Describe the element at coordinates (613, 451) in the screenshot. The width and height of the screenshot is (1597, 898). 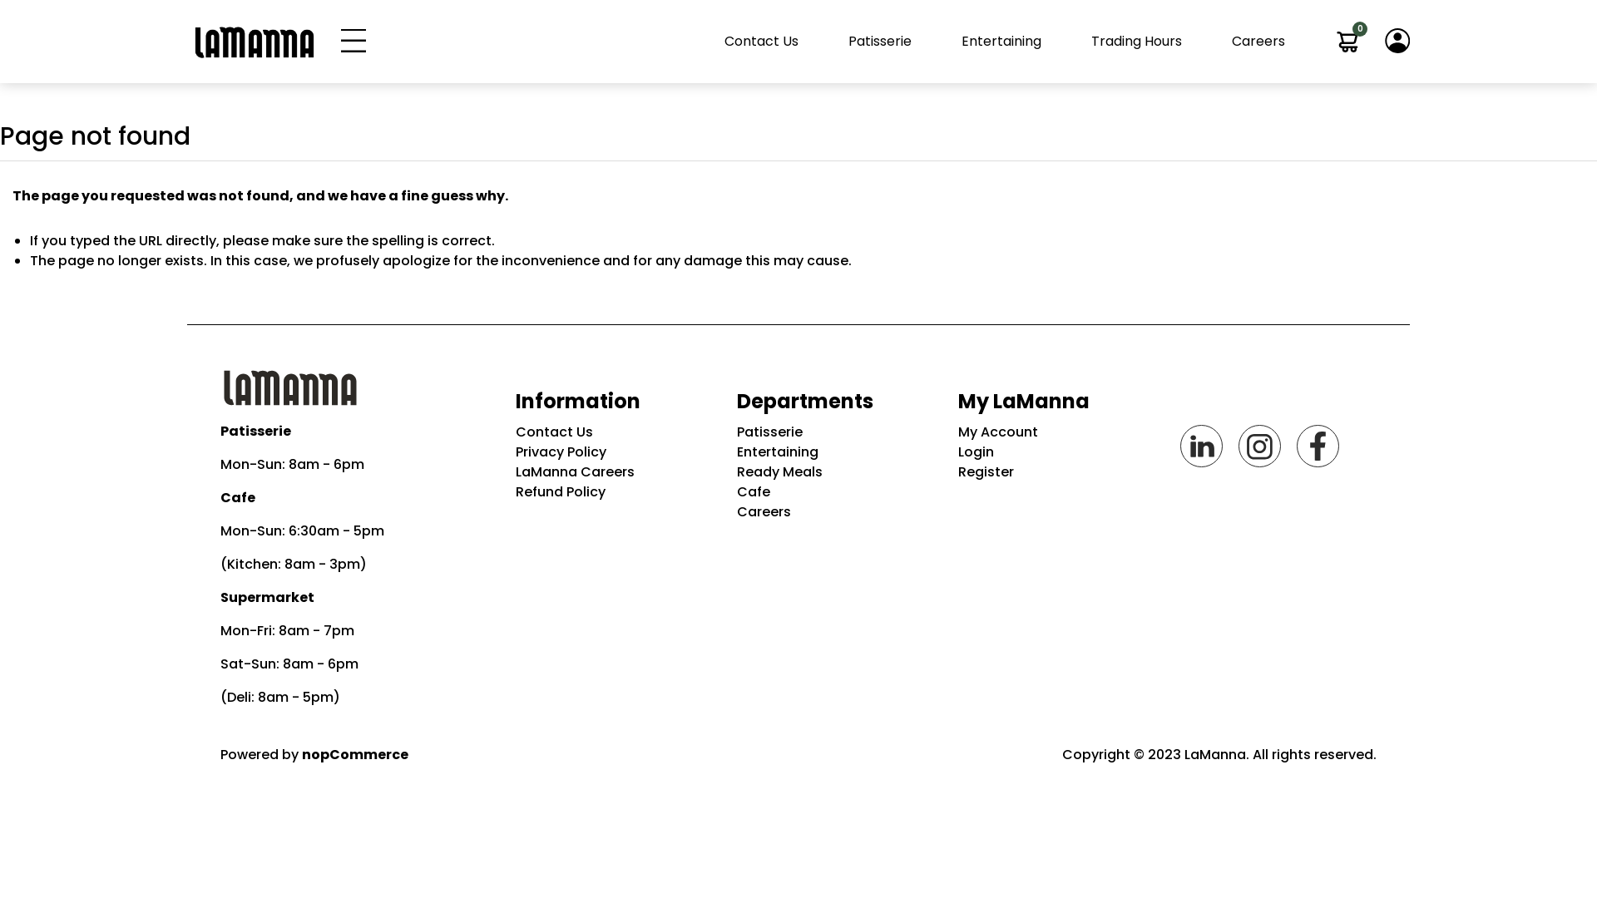
I see `'Privacy Policy'` at that location.